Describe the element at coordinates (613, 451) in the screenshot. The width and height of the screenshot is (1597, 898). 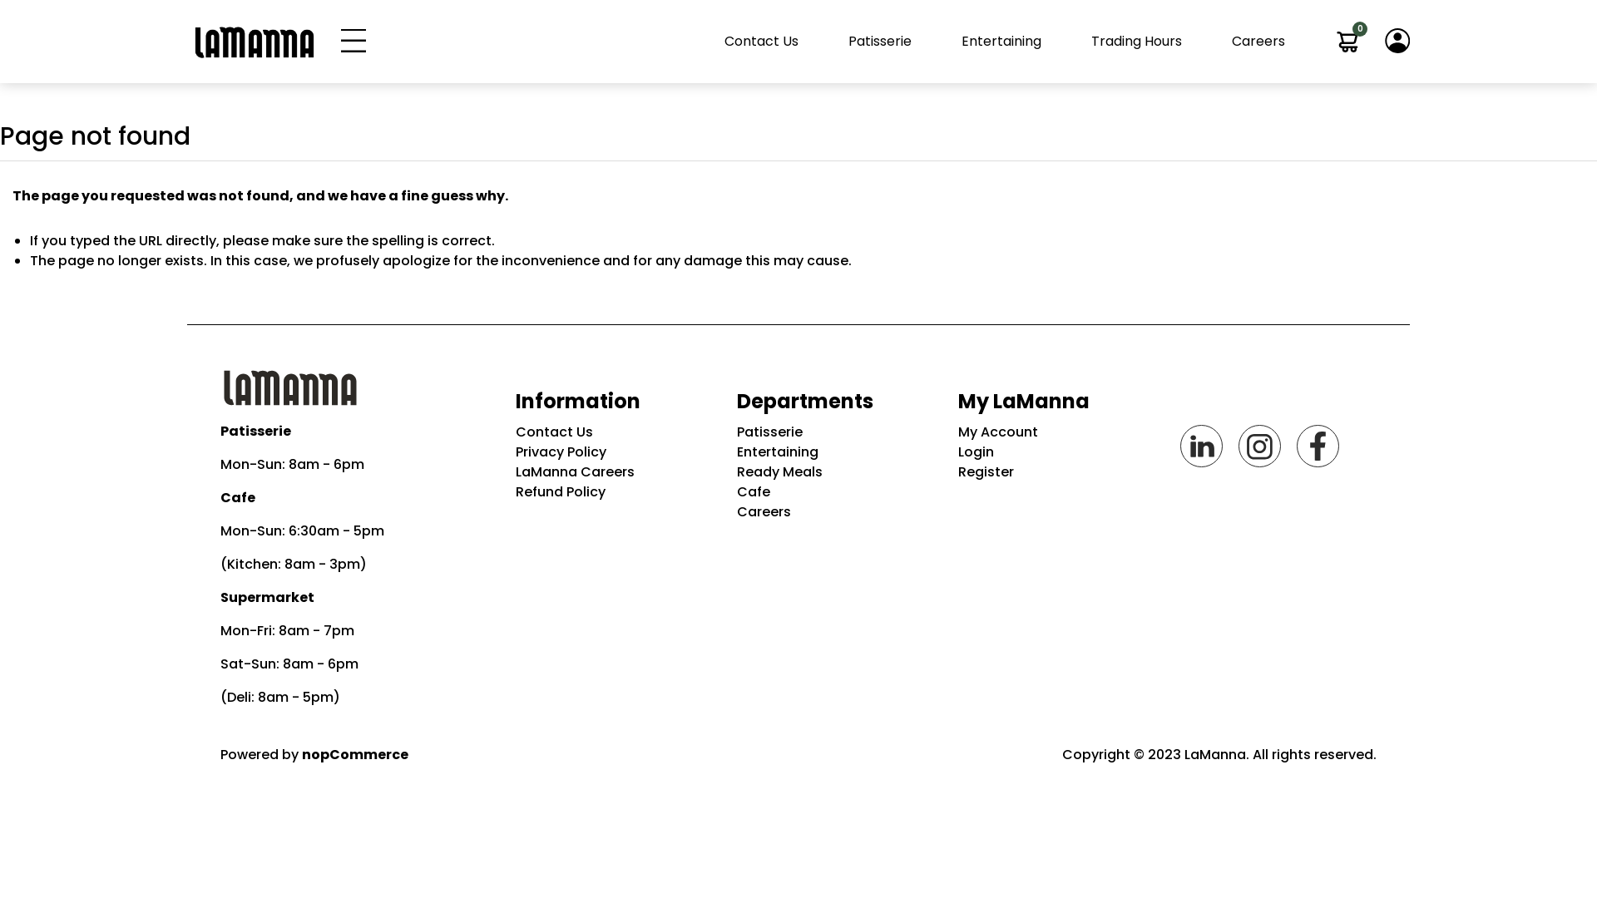
I see `'Privacy Policy'` at that location.